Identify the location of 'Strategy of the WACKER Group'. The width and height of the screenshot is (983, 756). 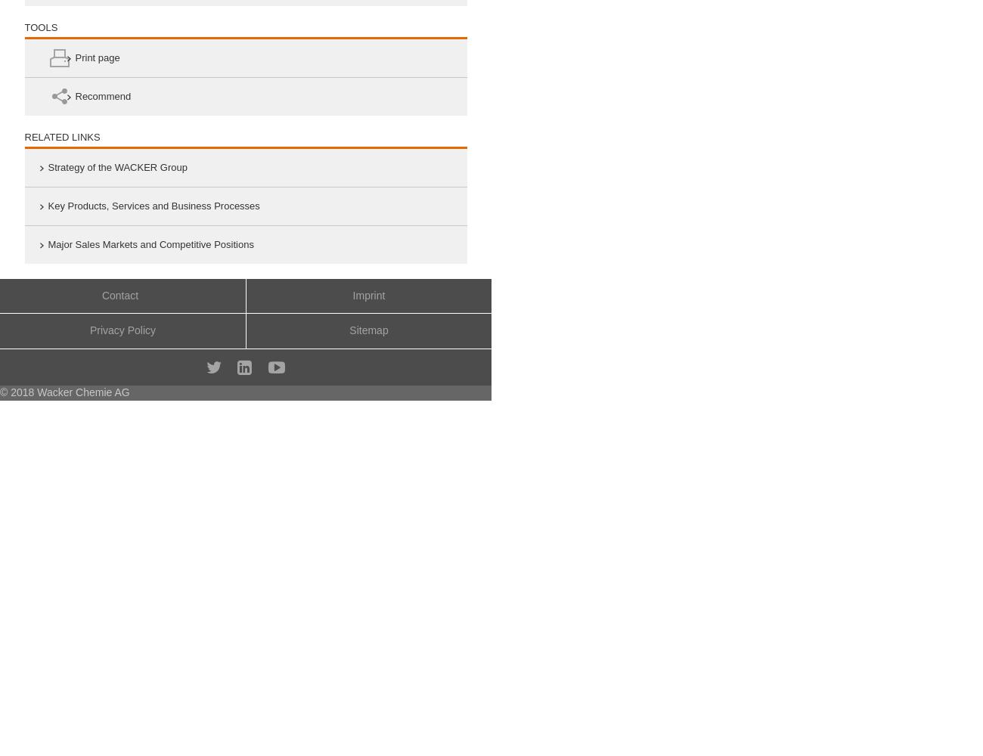
(116, 166).